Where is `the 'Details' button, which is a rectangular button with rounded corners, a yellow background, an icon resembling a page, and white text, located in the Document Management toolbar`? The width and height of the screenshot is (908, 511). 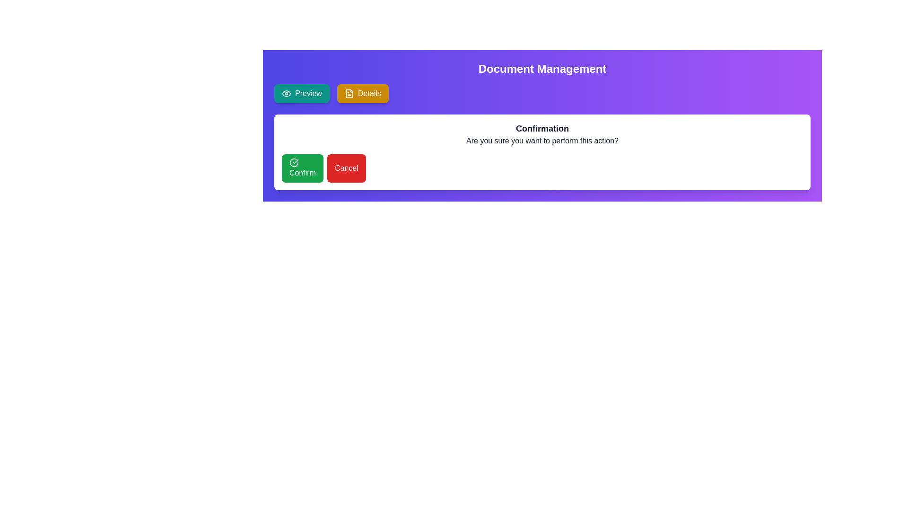 the 'Details' button, which is a rectangular button with rounded corners, a yellow background, an icon resembling a page, and white text, located in the Document Management toolbar is located at coordinates (362, 93).